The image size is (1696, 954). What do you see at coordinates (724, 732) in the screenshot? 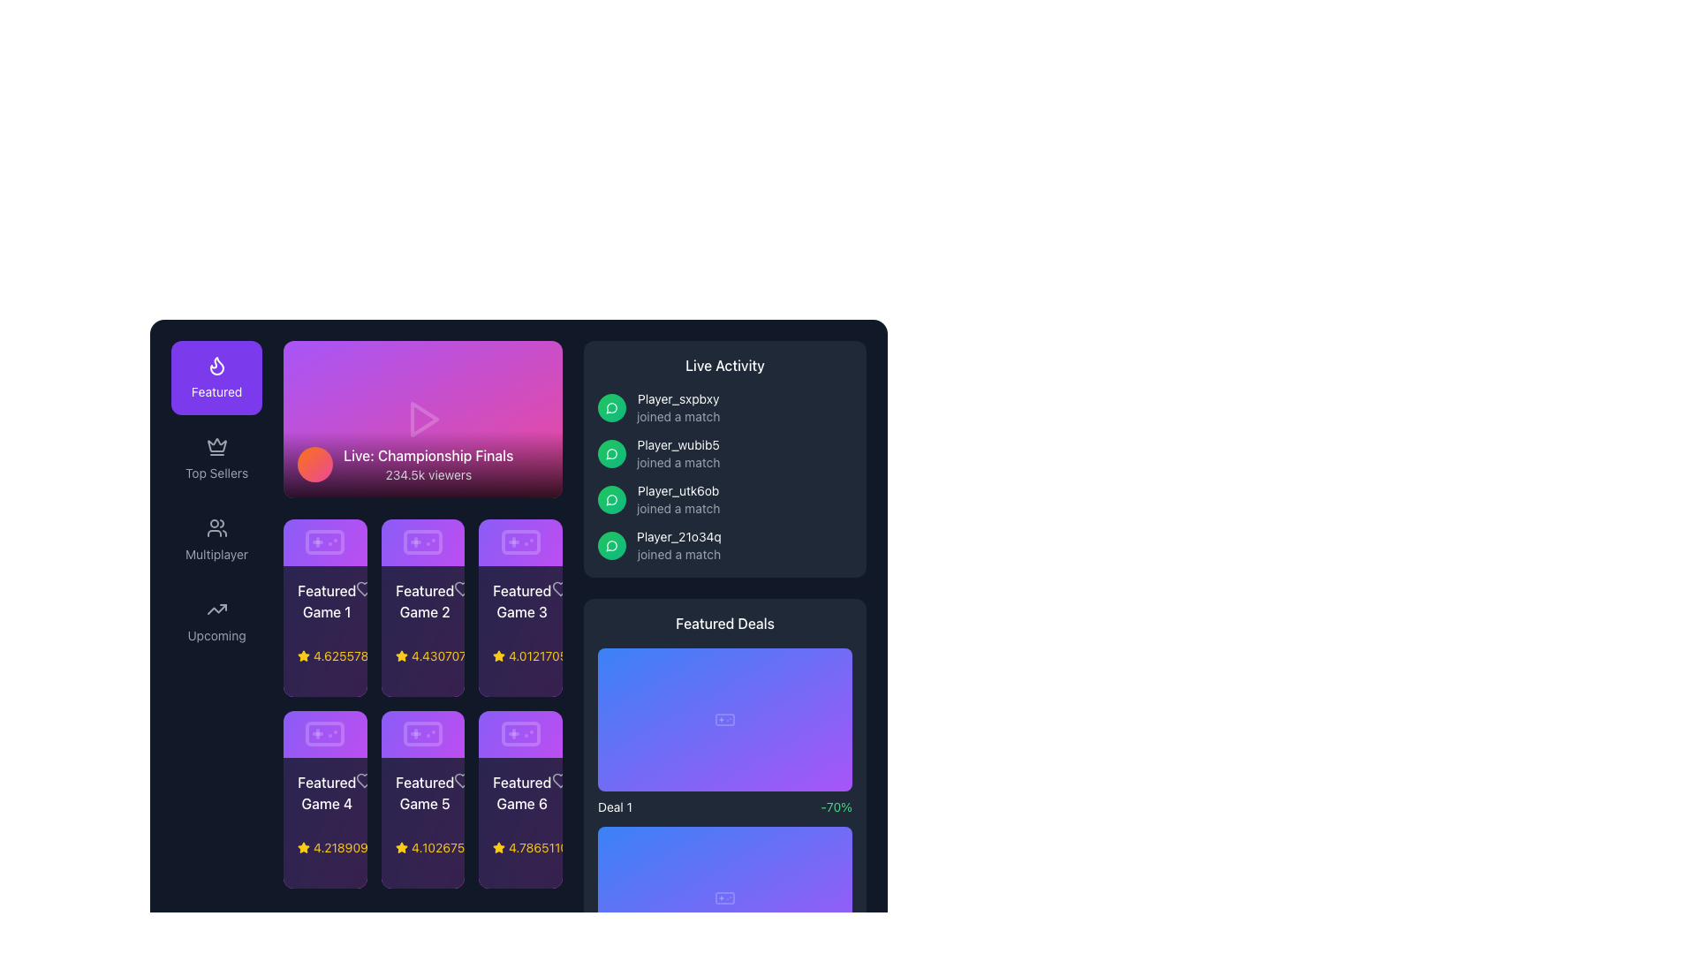
I see `the Promotional Card in the 'Featured Deals' section` at bounding box center [724, 732].